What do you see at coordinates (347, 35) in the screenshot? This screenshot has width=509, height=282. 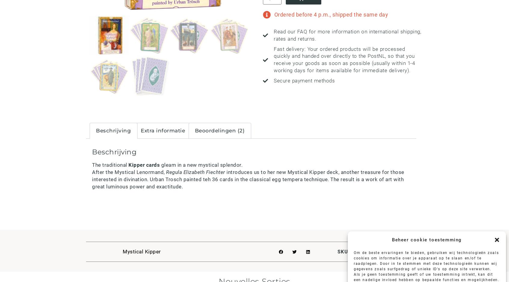 I see `'Read our FAQ for more information on international shipping, rates and returns.'` at bounding box center [347, 35].